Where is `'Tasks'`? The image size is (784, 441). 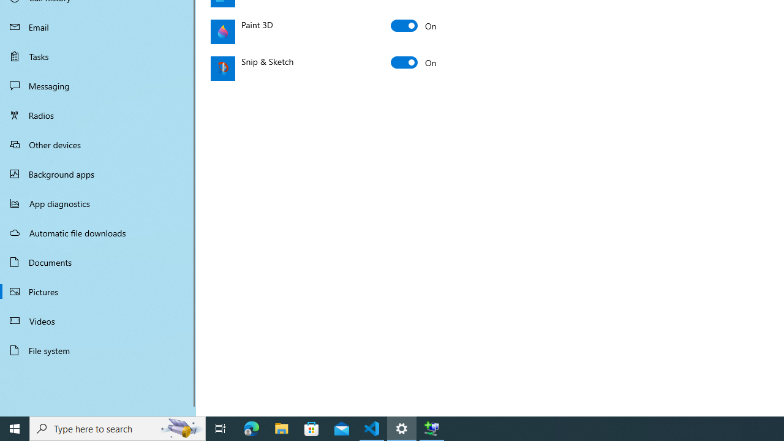 'Tasks' is located at coordinates (98, 56).